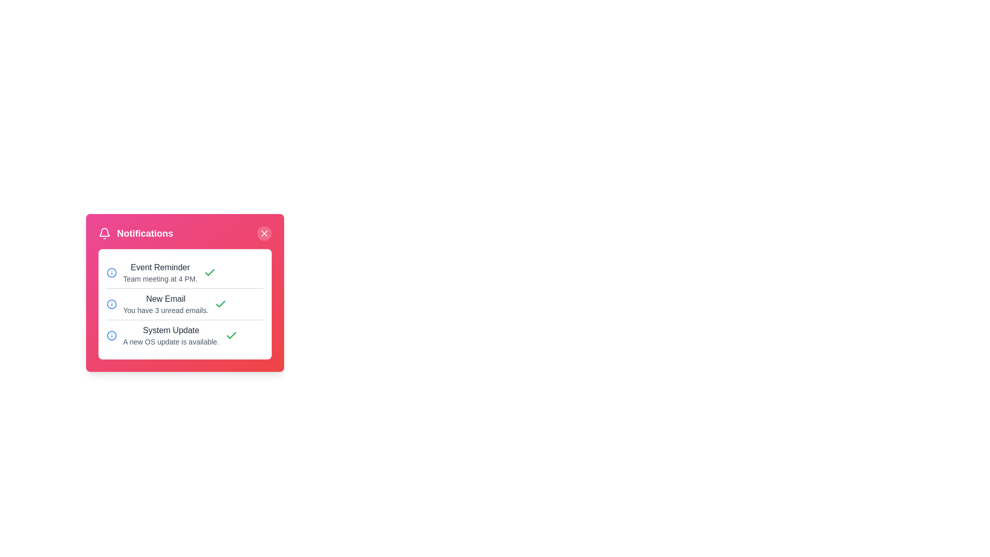 The image size is (990, 557). Describe the element at coordinates (111, 336) in the screenshot. I see `the information icon within the 'System Update' notification` at that location.